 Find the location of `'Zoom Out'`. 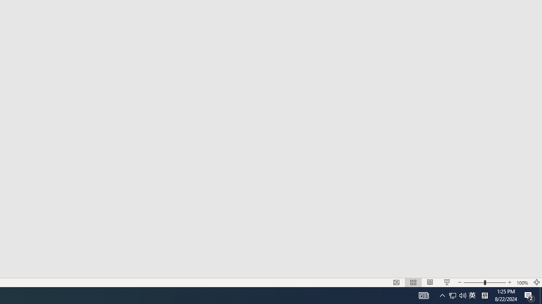

'Zoom Out' is located at coordinates (473, 282).